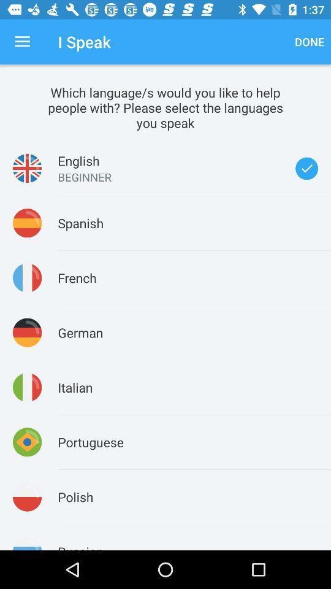  Describe the element at coordinates (27, 442) in the screenshot. I see `the icon left to portuguese` at that location.